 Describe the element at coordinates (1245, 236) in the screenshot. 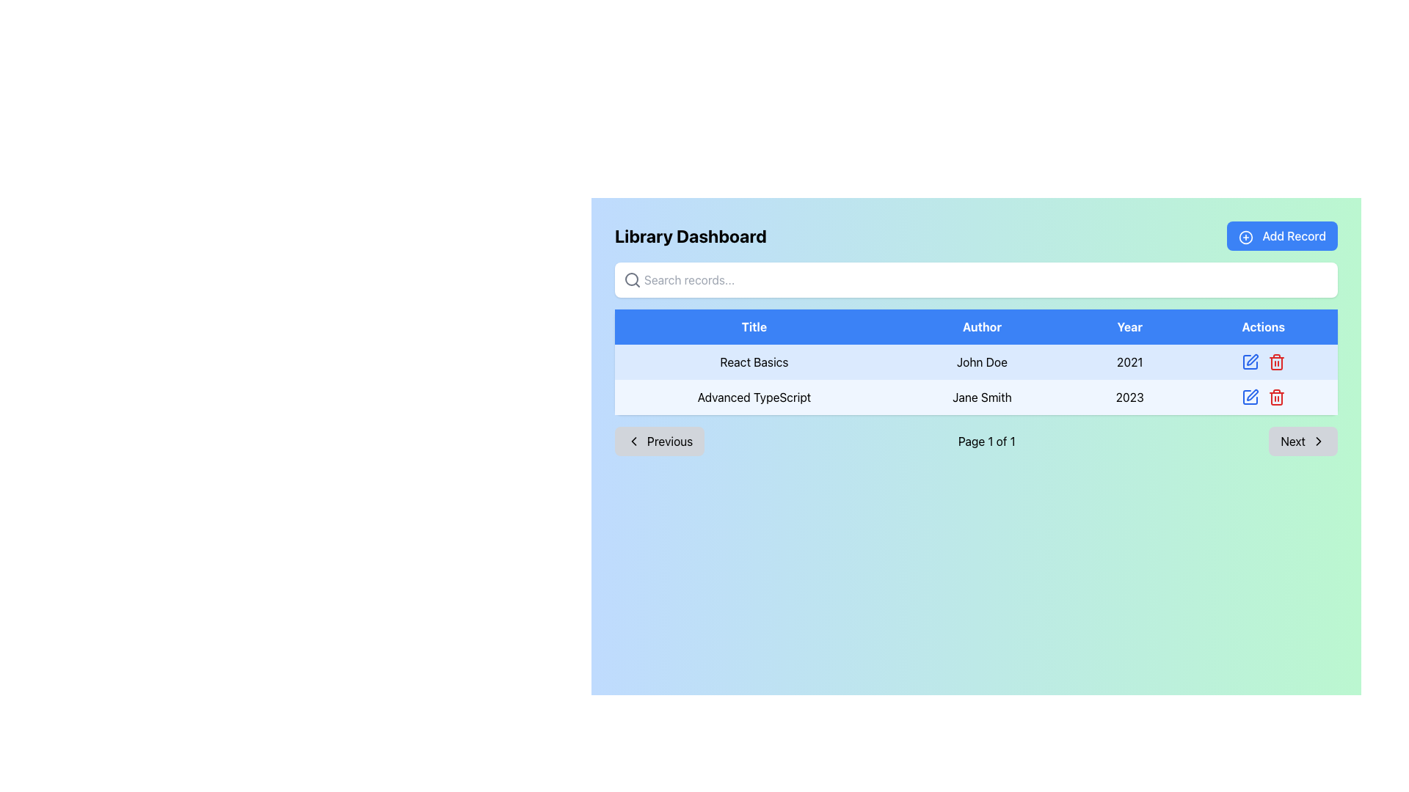

I see `the addition icon located to the left of the 'Add Record' text, which is inside a blue rounded rectangular button` at that location.